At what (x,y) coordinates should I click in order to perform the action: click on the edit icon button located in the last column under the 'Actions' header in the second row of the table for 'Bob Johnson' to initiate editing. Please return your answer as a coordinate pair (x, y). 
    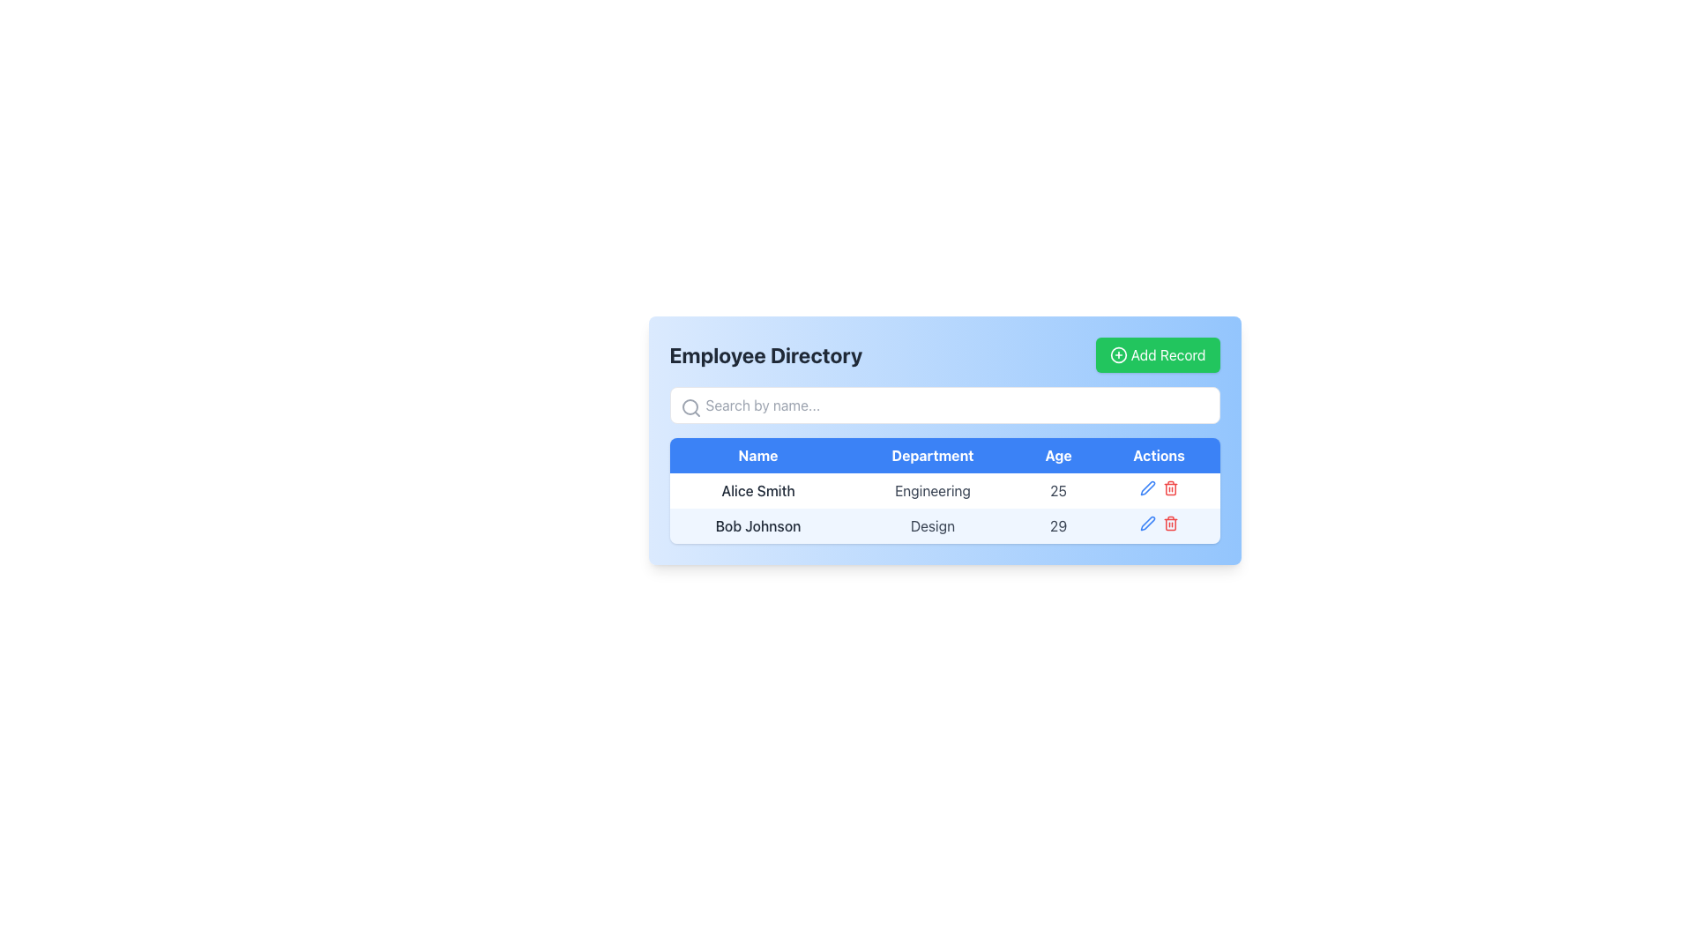
    Looking at the image, I should click on (1147, 523).